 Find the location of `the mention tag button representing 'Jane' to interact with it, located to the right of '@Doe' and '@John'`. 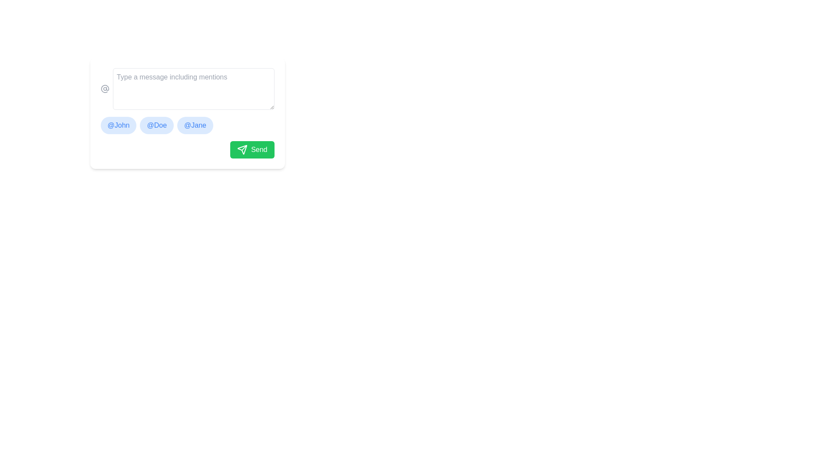

the mention tag button representing 'Jane' to interact with it, located to the right of '@Doe' and '@John' is located at coordinates (195, 126).